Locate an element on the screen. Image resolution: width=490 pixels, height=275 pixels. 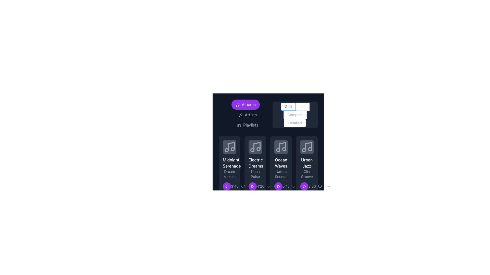
the static text label that describes the album, located below the title 'Electric Dreams' in the second card of the album grid is located at coordinates (255, 174).